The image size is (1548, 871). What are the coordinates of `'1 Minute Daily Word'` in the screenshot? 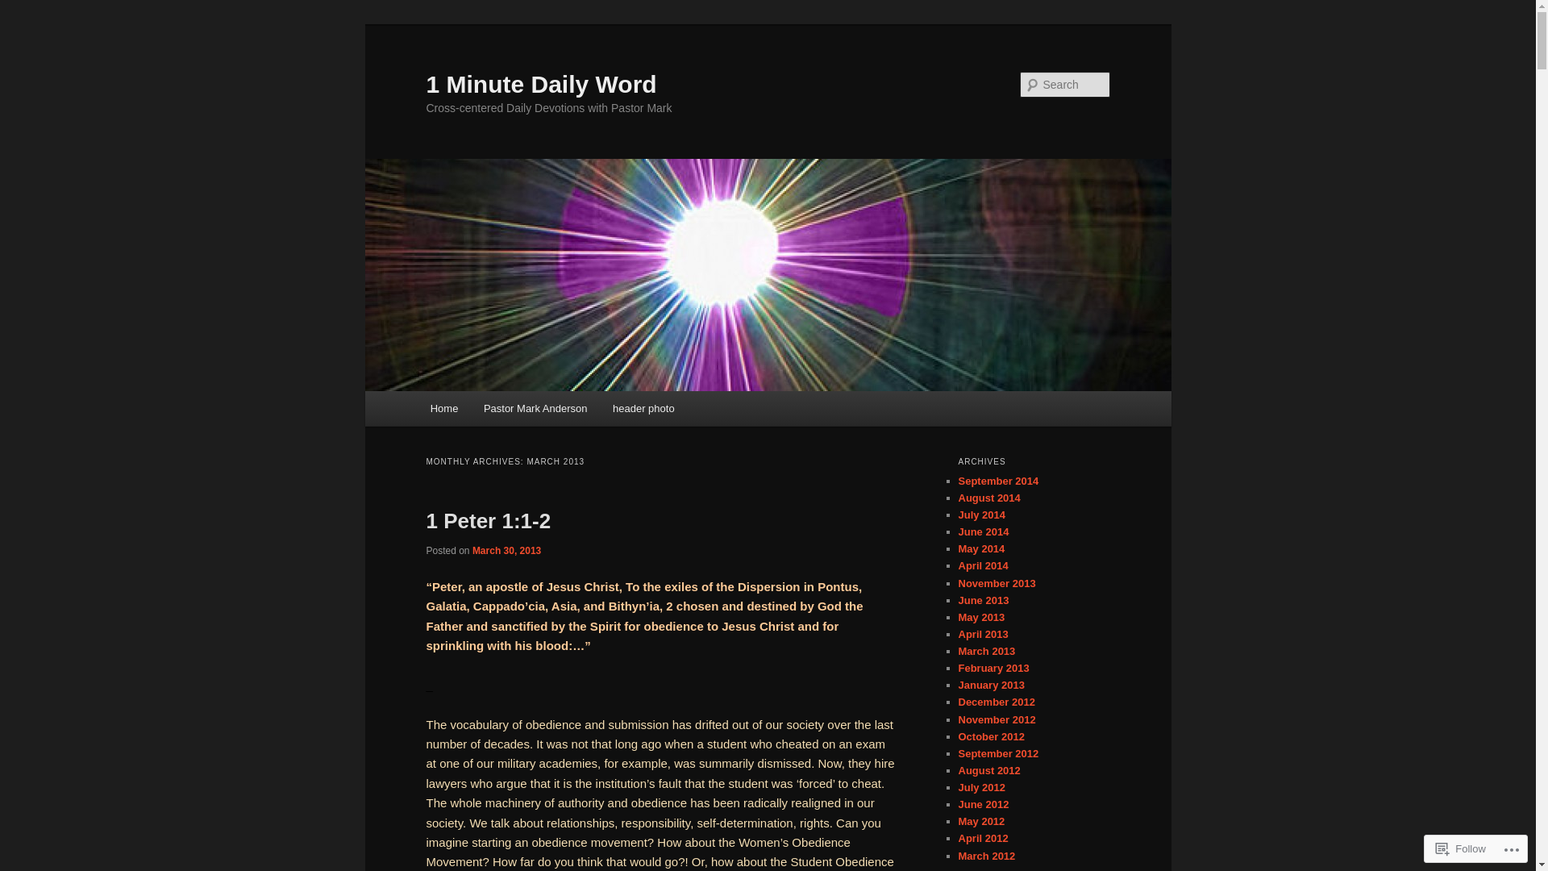 It's located at (541, 84).